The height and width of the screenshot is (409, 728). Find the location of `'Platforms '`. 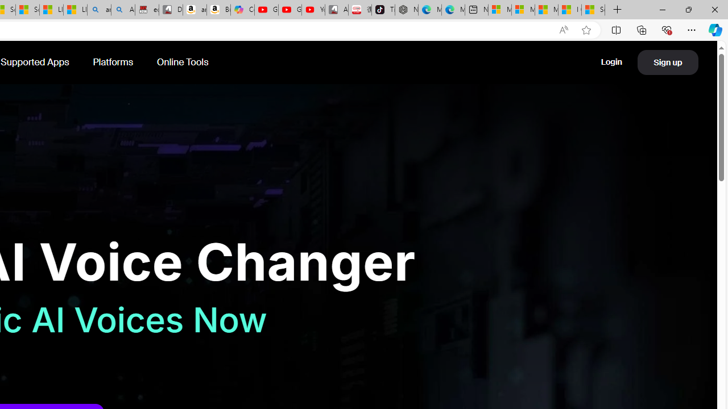

'Platforms ' is located at coordinates (114, 62).